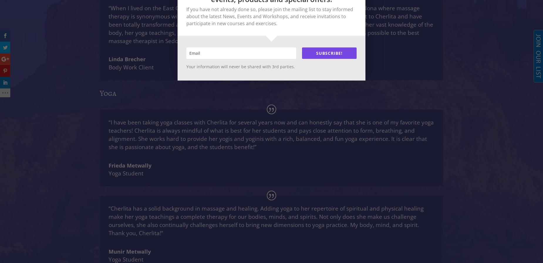 The image size is (543, 263). Describe the element at coordinates (271, 134) in the screenshot. I see `'“I have been taking yoga classes with Cherlita for several years now and can honestly say that she is one of my favorite yoga teachers! Cherlita is always mindful of what is best for her students and pays close attention to form, breathing, and alignment. She works hard to provide her yogis and yoginis with a rich, balanced, and fun yoga experience. It is clear that she is passionate about yoga, and the students benefit!”'` at that location.